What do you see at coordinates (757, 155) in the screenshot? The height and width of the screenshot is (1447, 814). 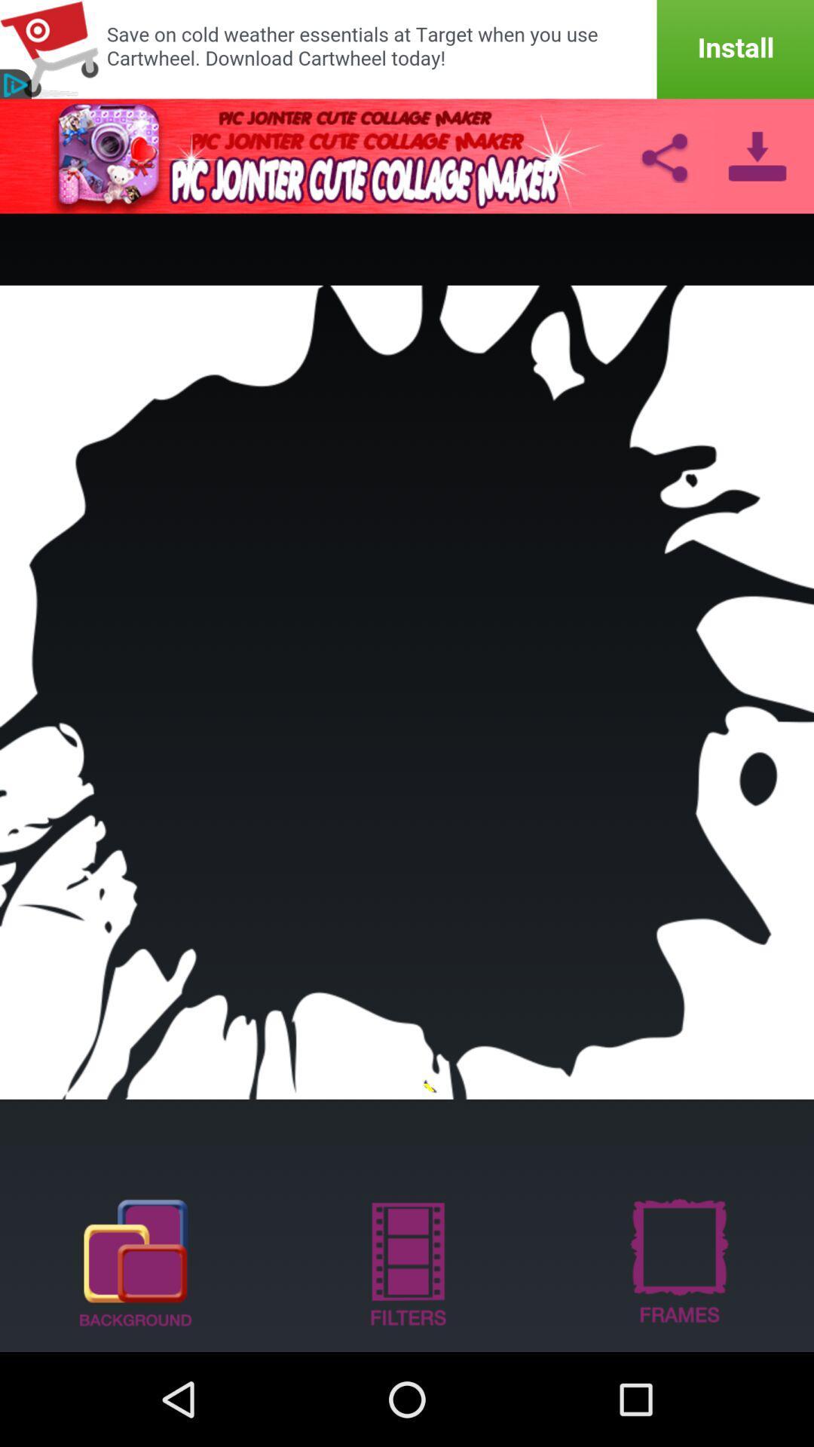 I see `download` at bounding box center [757, 155].